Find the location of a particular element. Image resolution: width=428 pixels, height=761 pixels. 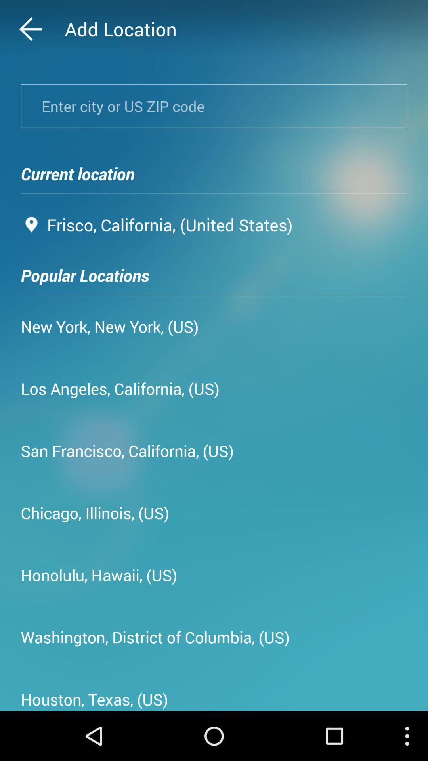

the arrow_backward icon is located at coordinates (46, 31).